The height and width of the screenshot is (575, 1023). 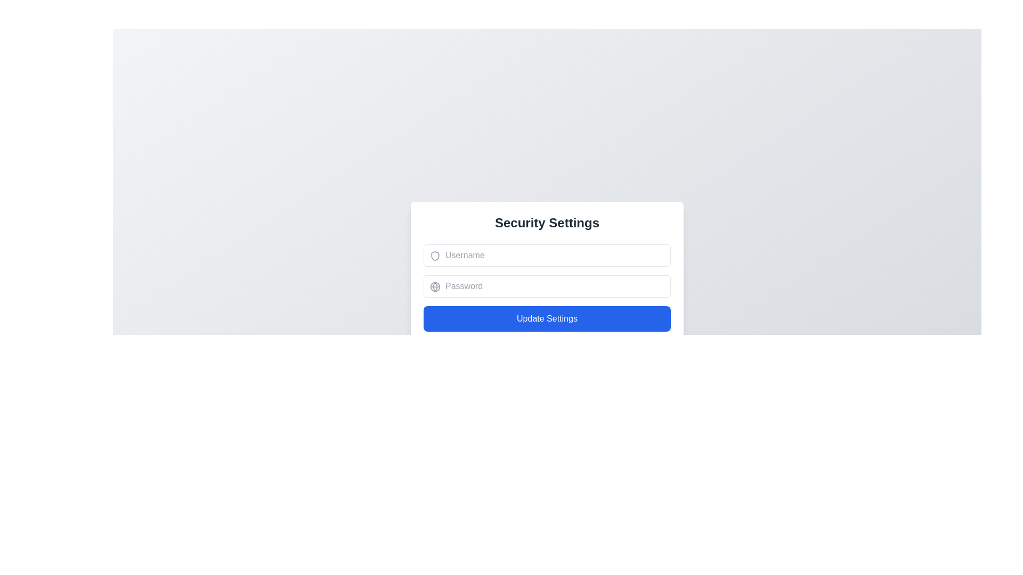 What do you see at coordinates (547, 315) in the screenshot?
I see `the 'Update Settings' button located on the Form Card for updating security settings, which is the only card structure in this section of the interface` at bounding box center [547, 315].